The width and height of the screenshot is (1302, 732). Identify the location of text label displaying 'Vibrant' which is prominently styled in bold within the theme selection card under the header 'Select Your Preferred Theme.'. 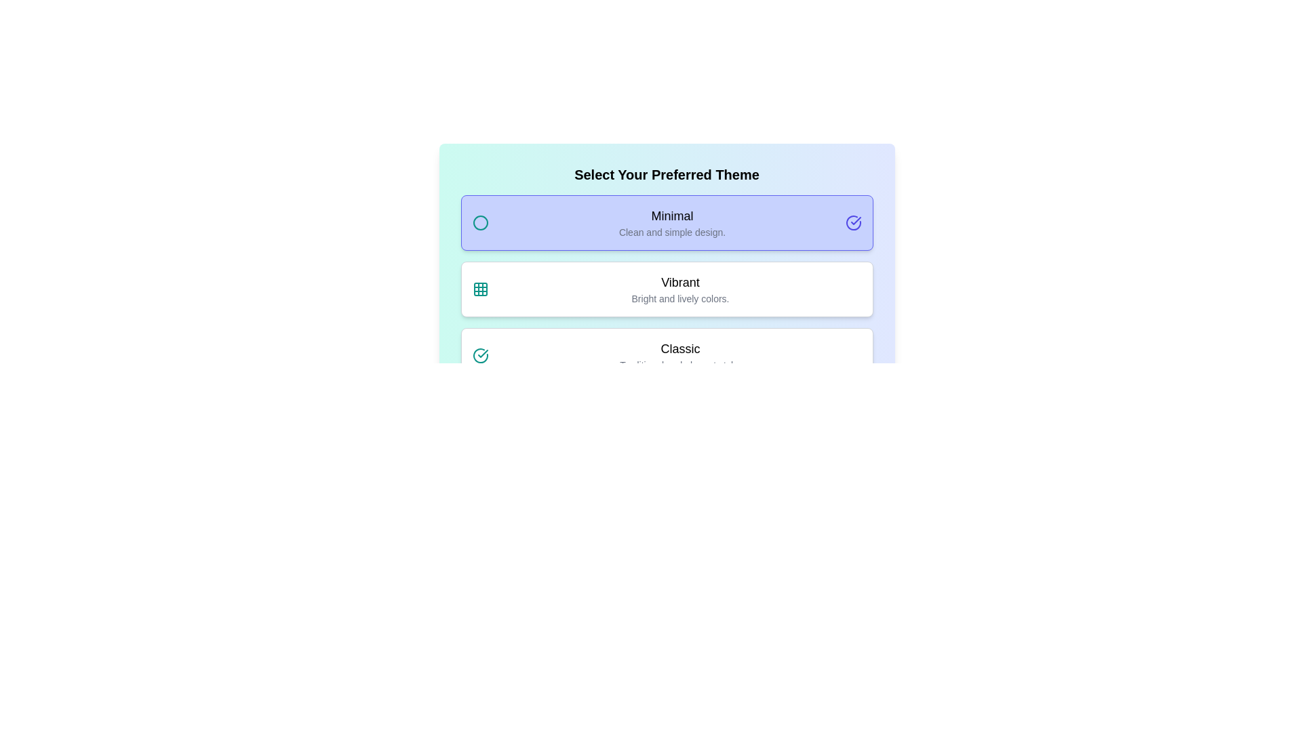
(680, 281).